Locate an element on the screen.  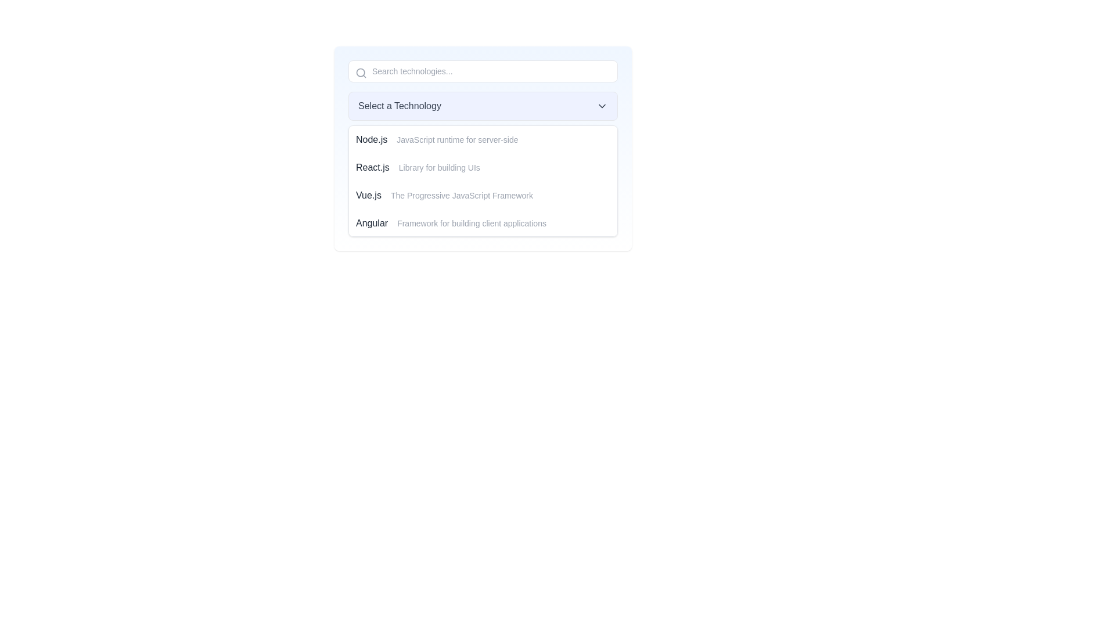
the fourth selectable item in the list, which allows users to choose the Angular framework is located at coordinates (483, 224).